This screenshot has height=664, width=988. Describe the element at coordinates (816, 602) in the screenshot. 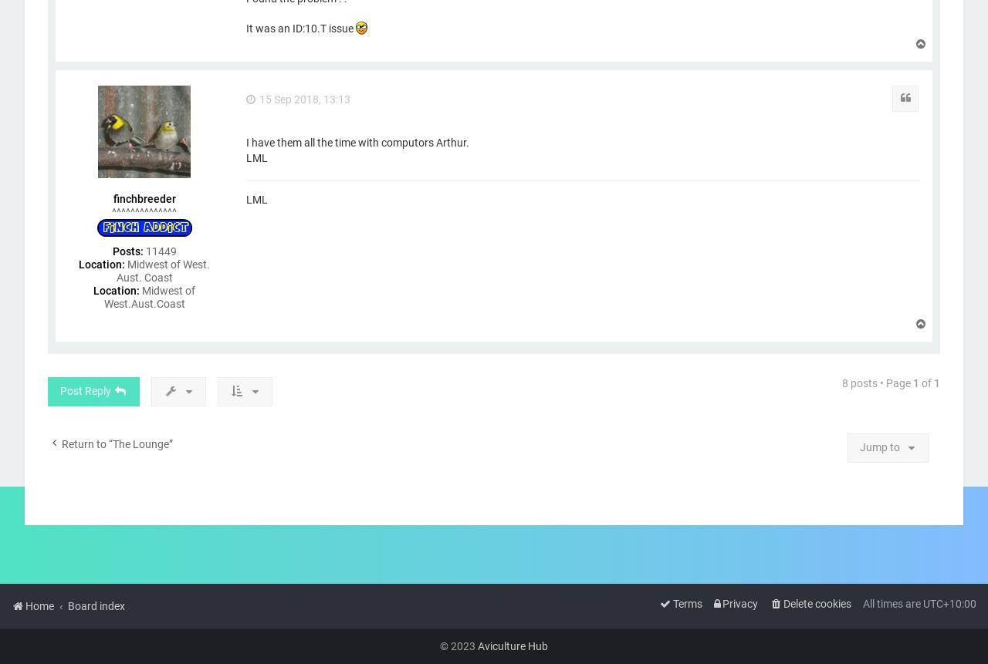

I see `'Delete cookies'` at that location.